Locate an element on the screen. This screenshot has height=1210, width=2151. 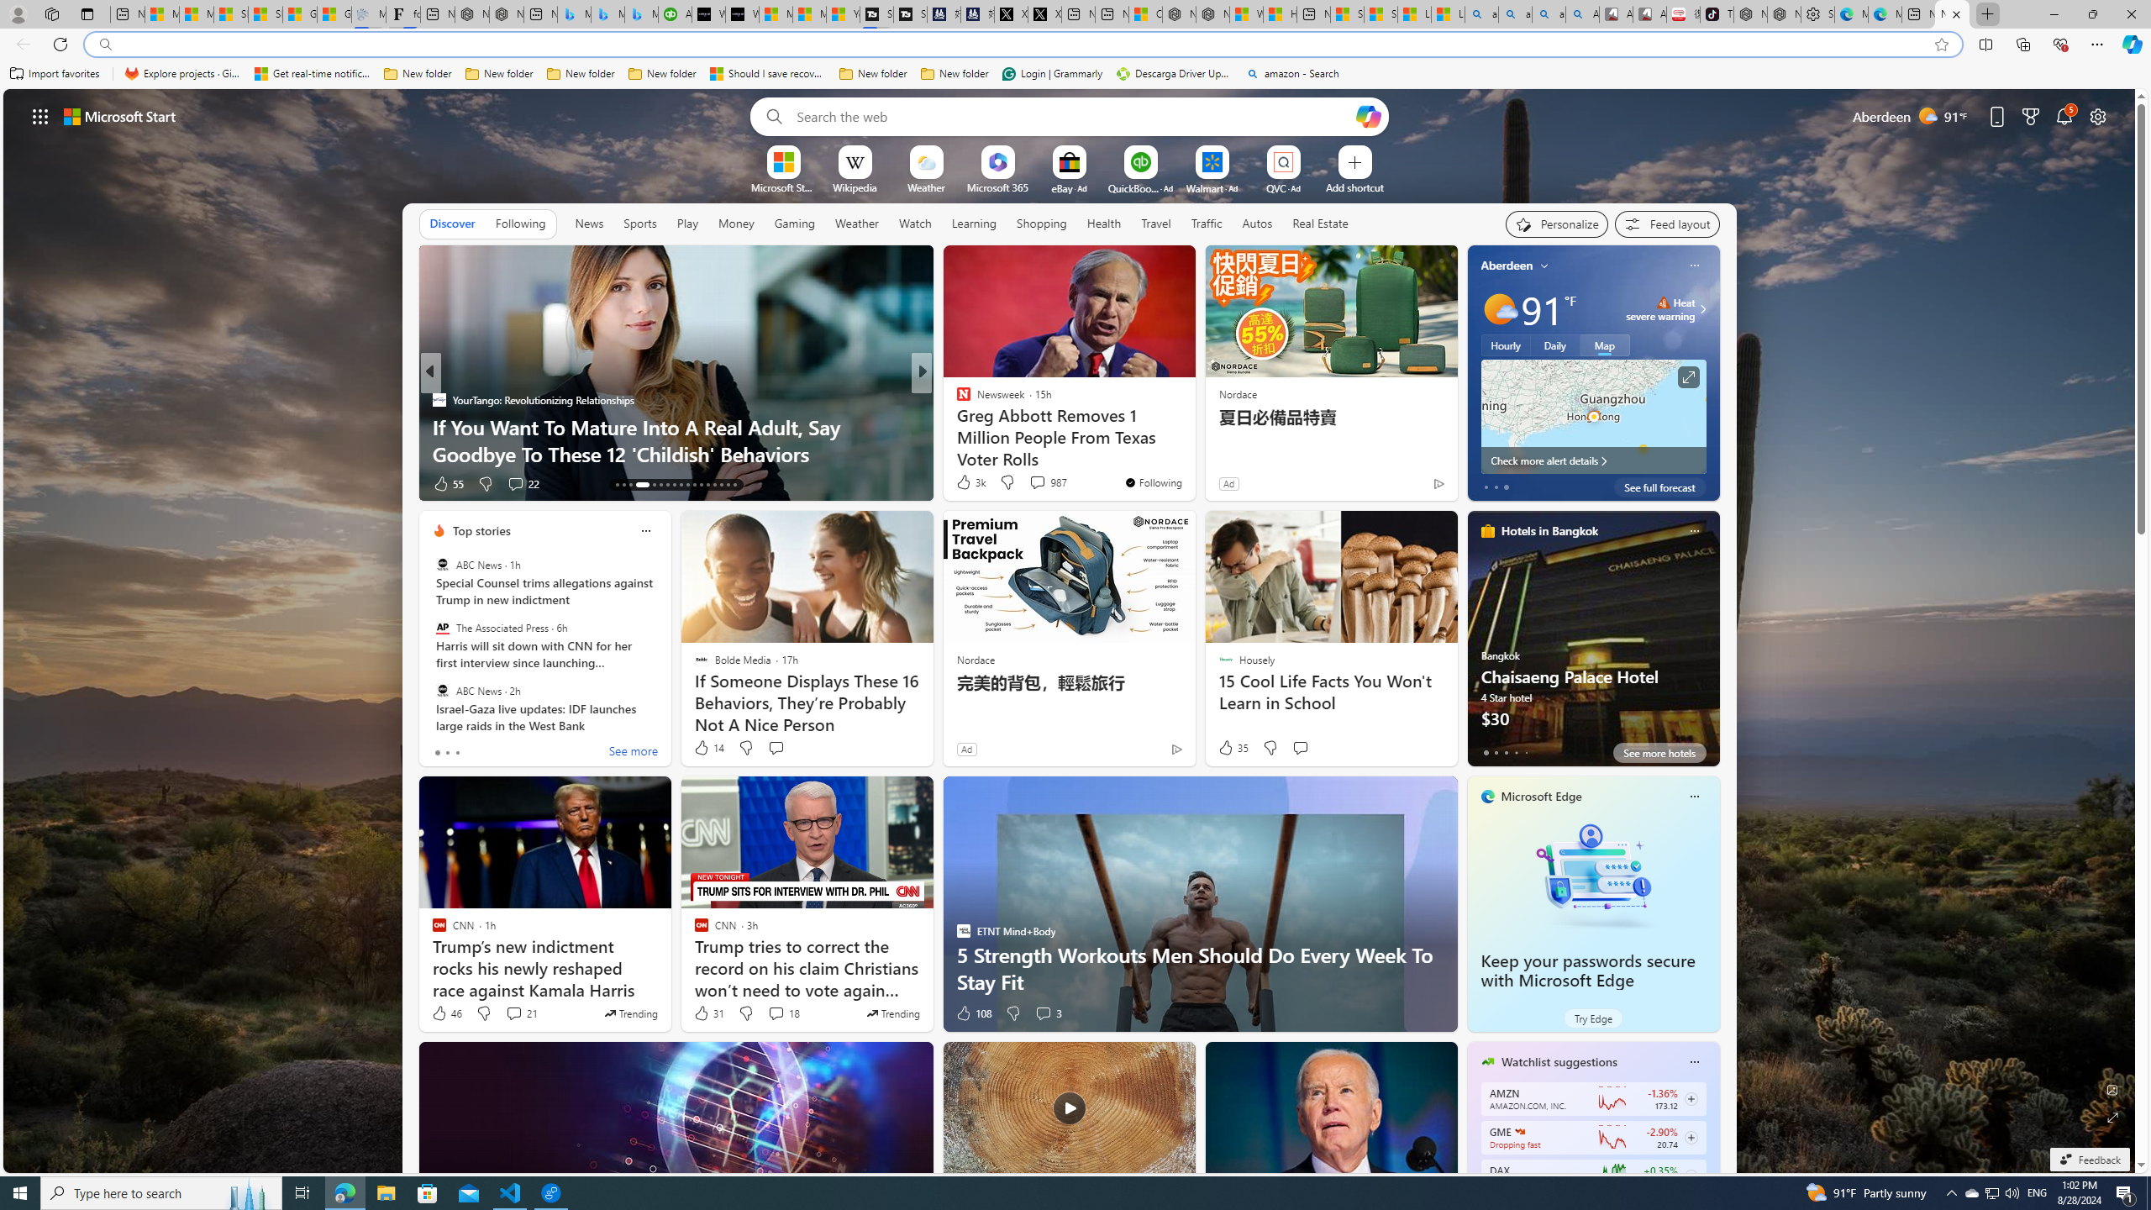
'Gaming' is located at coordinates (794, 222).